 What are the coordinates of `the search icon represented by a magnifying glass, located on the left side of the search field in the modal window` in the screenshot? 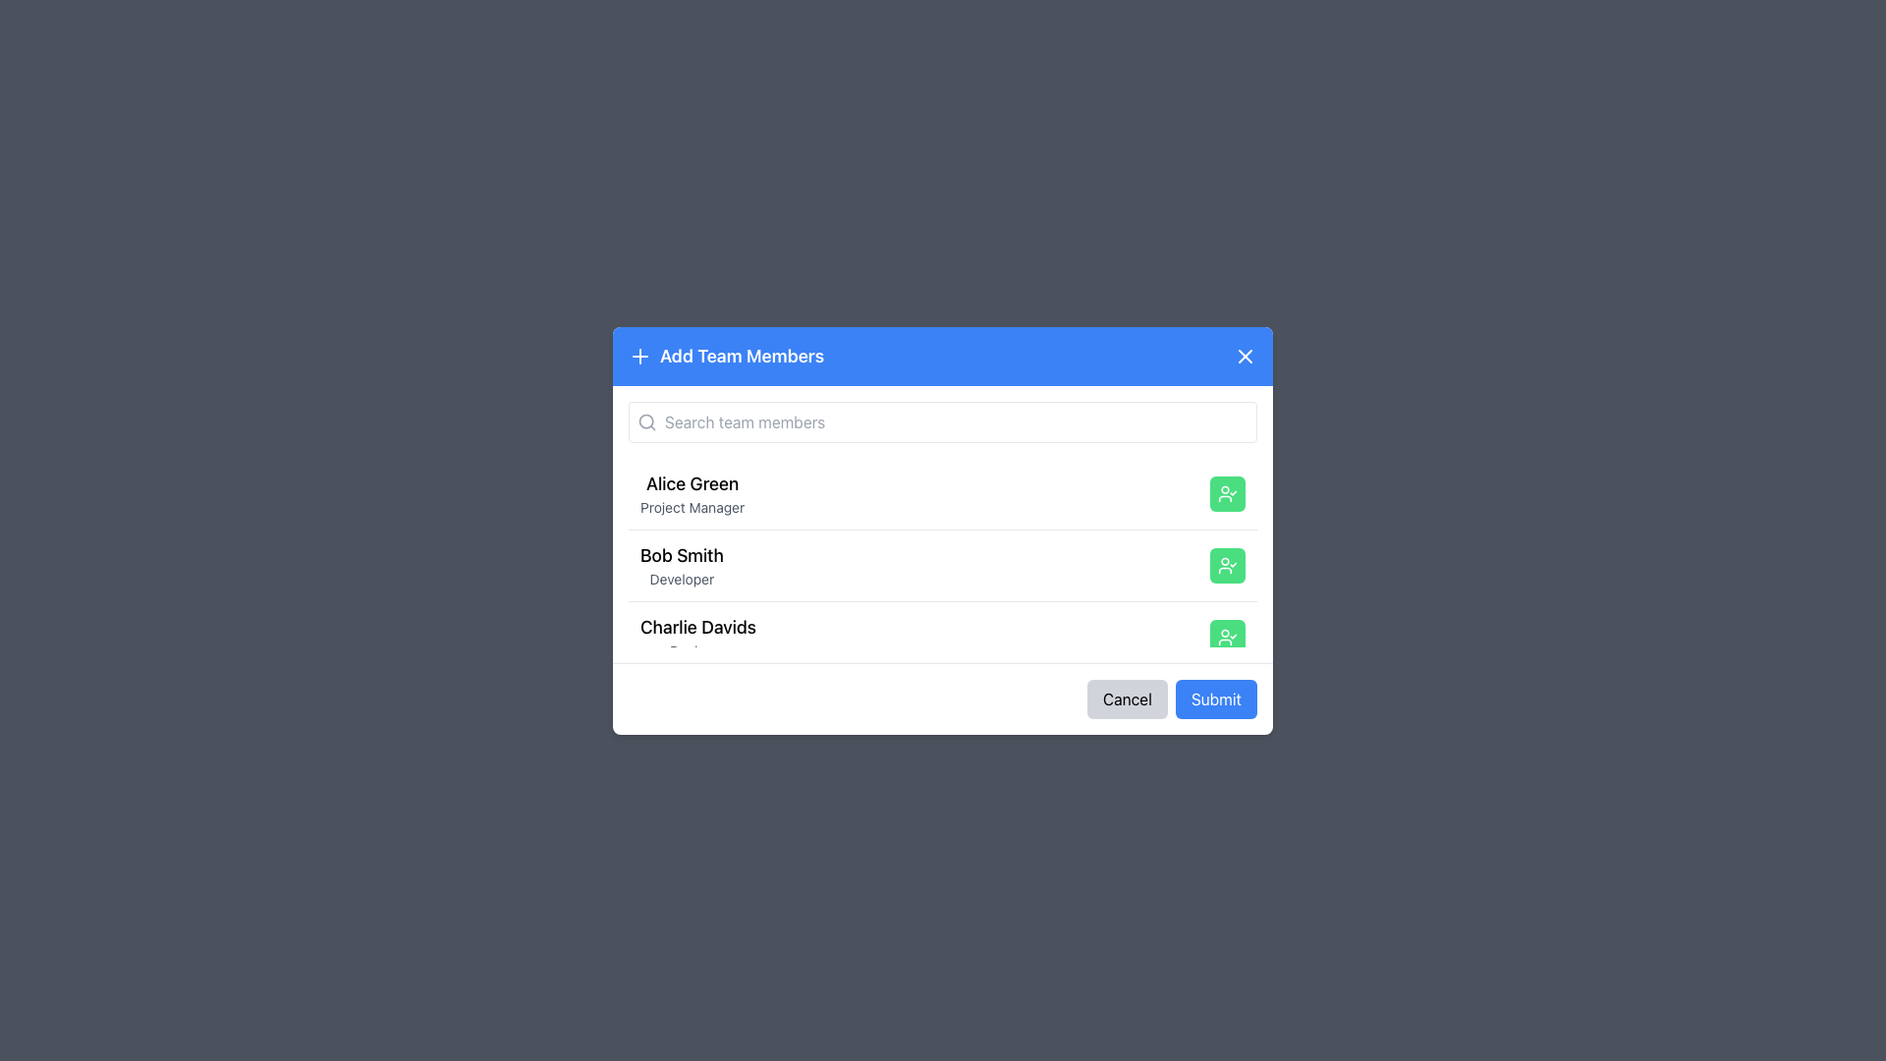 It's located at (646, 419).